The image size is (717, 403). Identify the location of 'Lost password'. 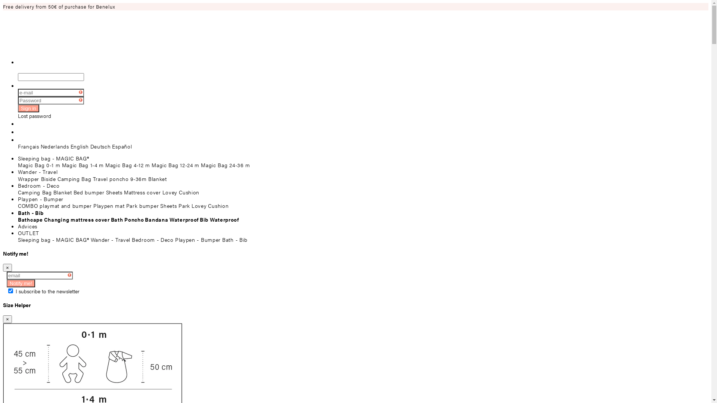
(34, 115).